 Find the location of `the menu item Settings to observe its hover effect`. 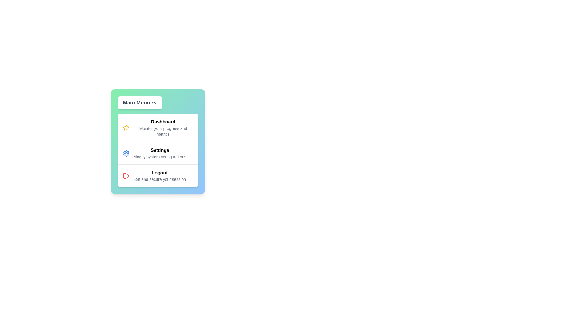

the menu item Settings to observe its hover effect is located at coordinates (158, 153).